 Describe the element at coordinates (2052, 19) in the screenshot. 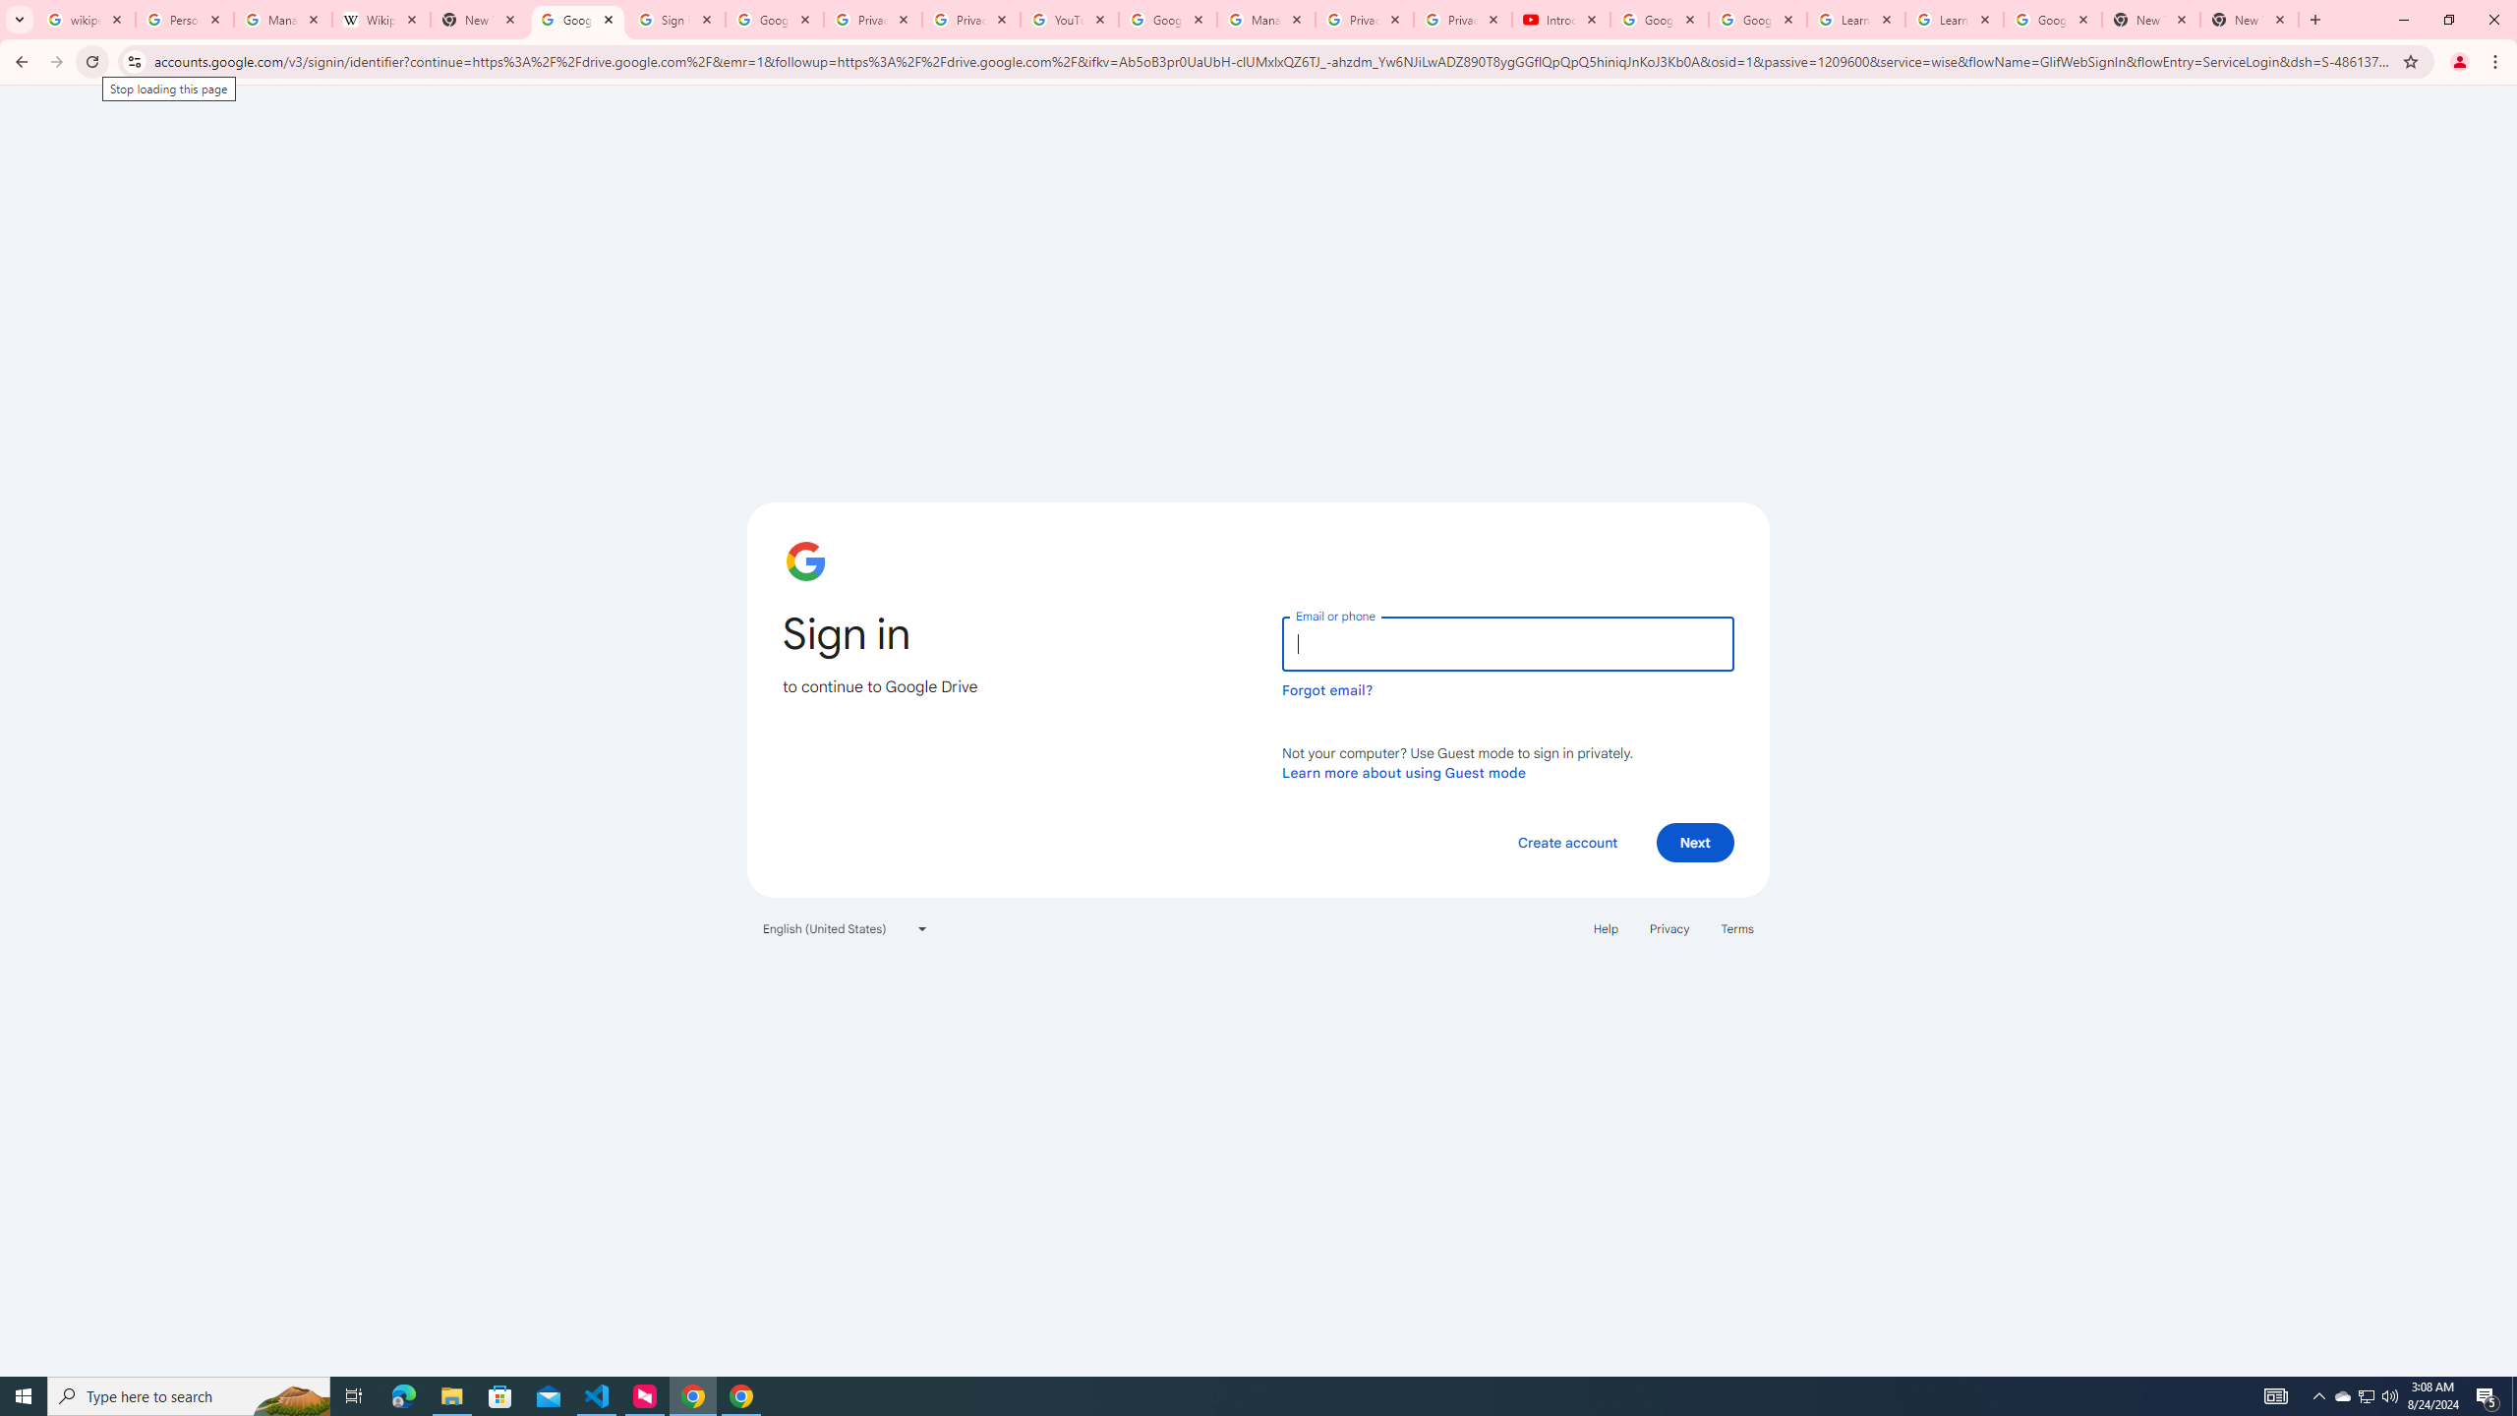

I see `'Google Account'` at that location.